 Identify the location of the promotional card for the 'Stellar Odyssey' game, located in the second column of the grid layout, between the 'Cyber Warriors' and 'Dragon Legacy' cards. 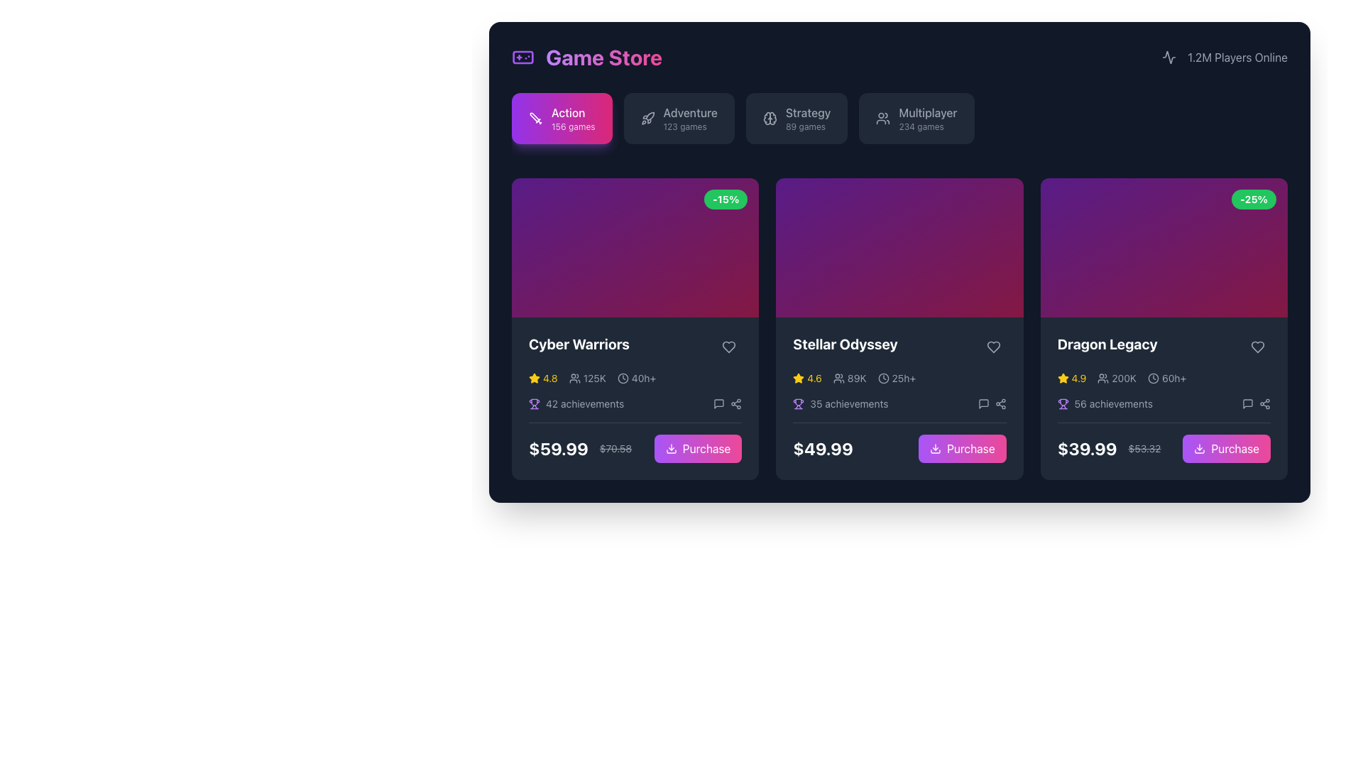
(899, 329).